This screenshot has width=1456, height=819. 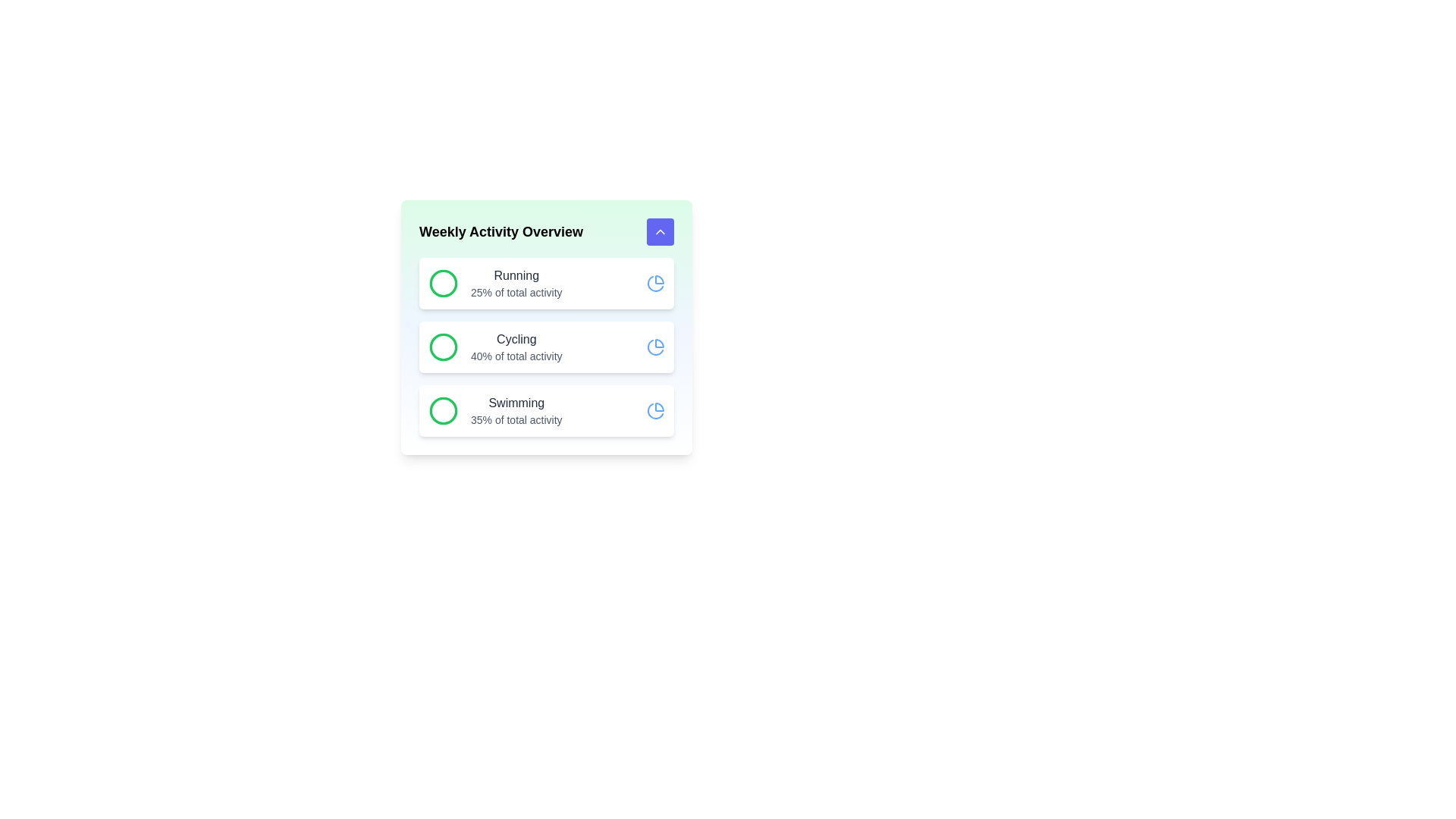 What do you see at coordinates (443, 347) in the screenshot?
I see `the SVG-based circular graphical element representing the 'Cycling' activity icon located in the 'Weekly Activity Overview' section` at bounding box center [443, 347].